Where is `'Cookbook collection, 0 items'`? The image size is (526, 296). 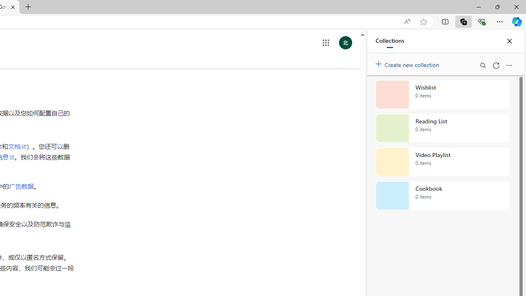
'Cookbook collection, 0 items' is located at coordinates (442, 195).